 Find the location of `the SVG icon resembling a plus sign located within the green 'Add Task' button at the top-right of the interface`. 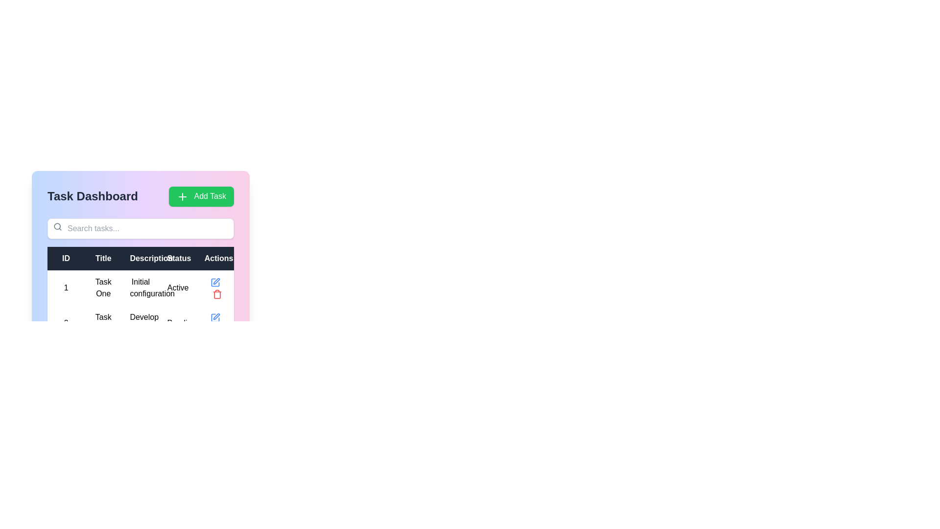

the SVG icon resembling a plus sign located within the green 'Add Task' button at the top-right of the interface is located at coordinates (182, 196).